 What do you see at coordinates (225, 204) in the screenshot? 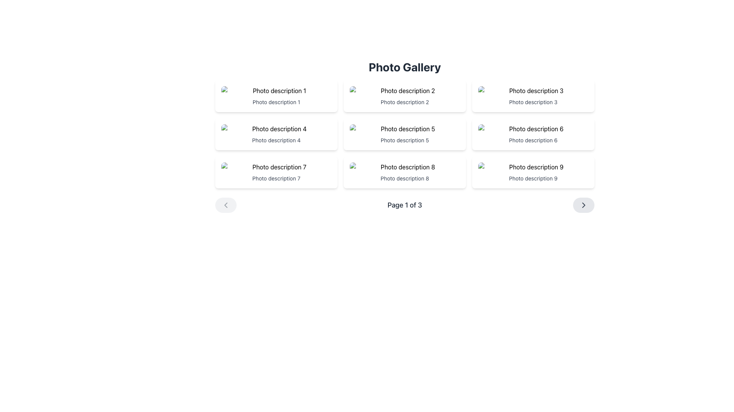
I see `the left-facing chevron button, which is a prominent back navigation button located at the bottom left corner of the pagination control area` at bounding box center [225, 204].